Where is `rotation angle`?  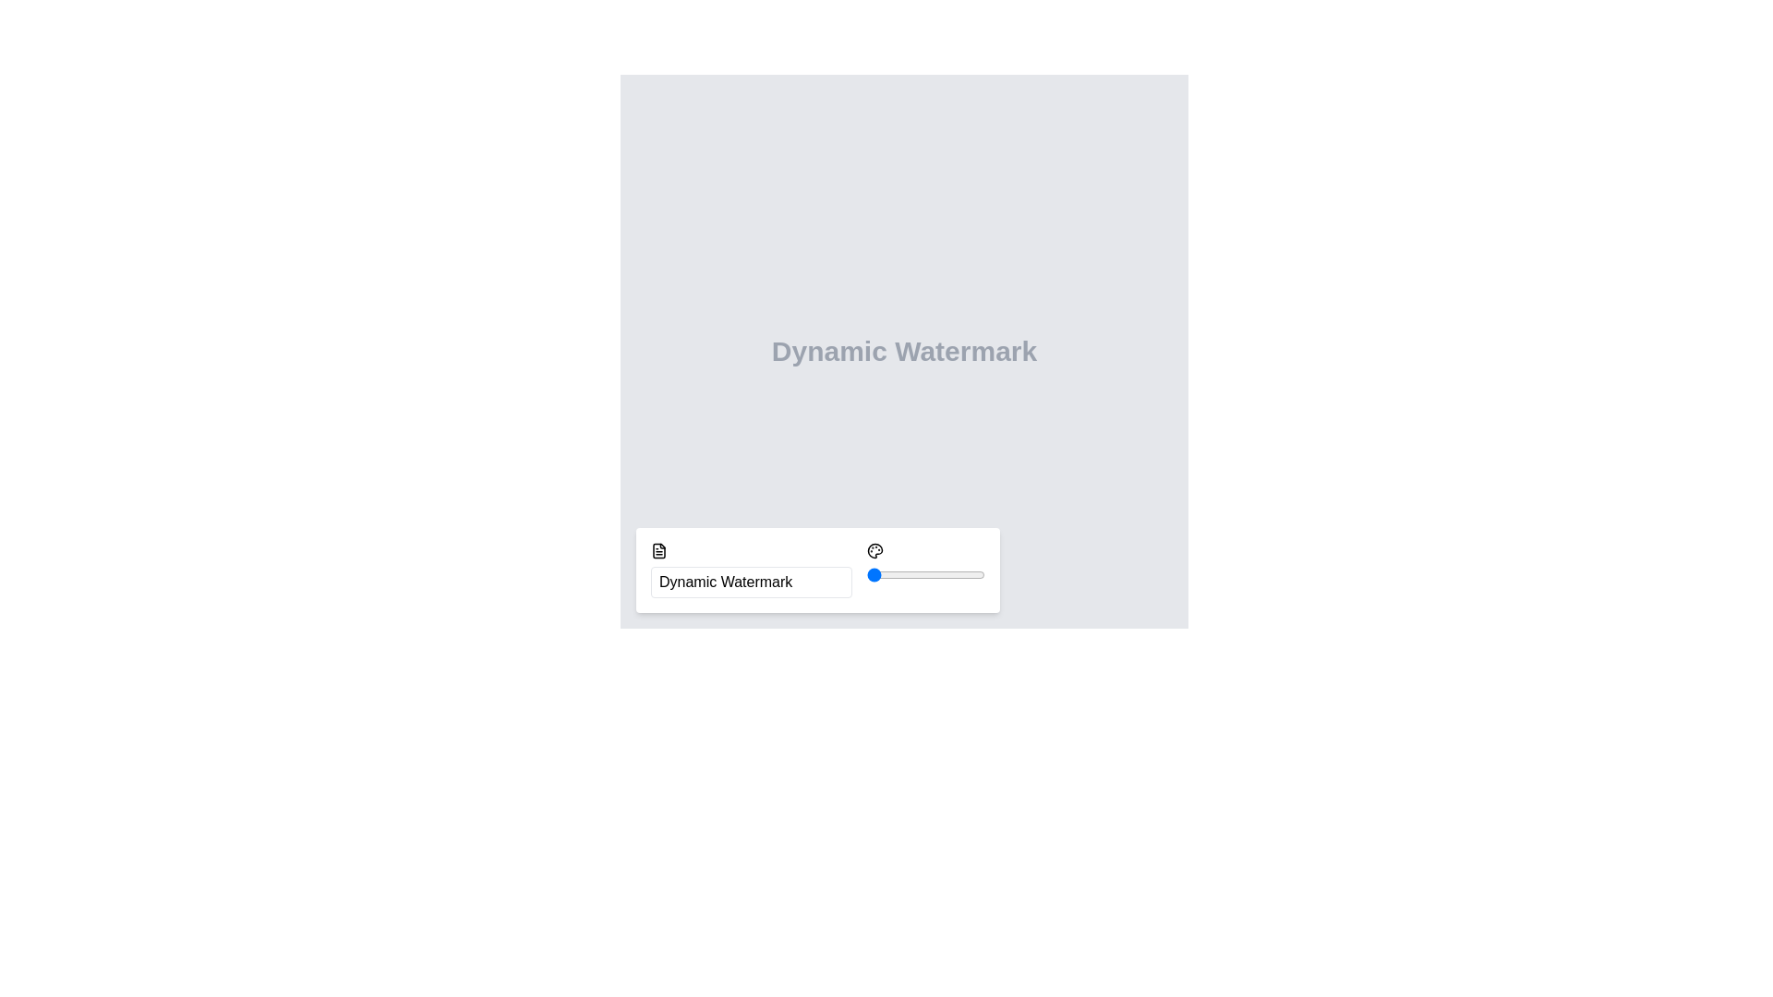 rotation angle is located at coordinates (978, 574).